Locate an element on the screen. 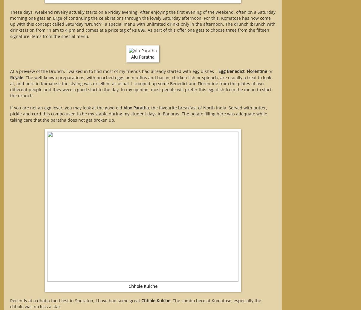 This screenshot has height=310, width=361. 'Recently at a dhaba food fest in Sheraton, I have had some great' is located at coordinates (76, 300).